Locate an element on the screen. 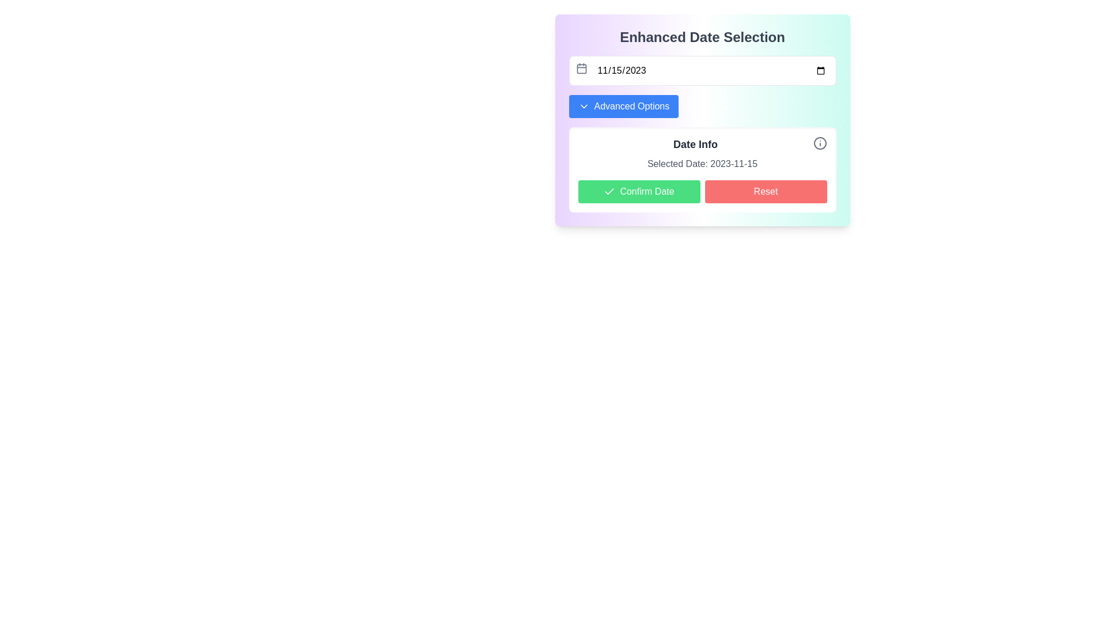 Image resolution: width=1106 pixels, height=622 pixels. the 'Confirm Date' button, which is a rectangular button with a green background and a white checkmark icon, located in the 'Date Info' section of the 'Enhanced Date Selection' panel is located at coordinates (638, 191).